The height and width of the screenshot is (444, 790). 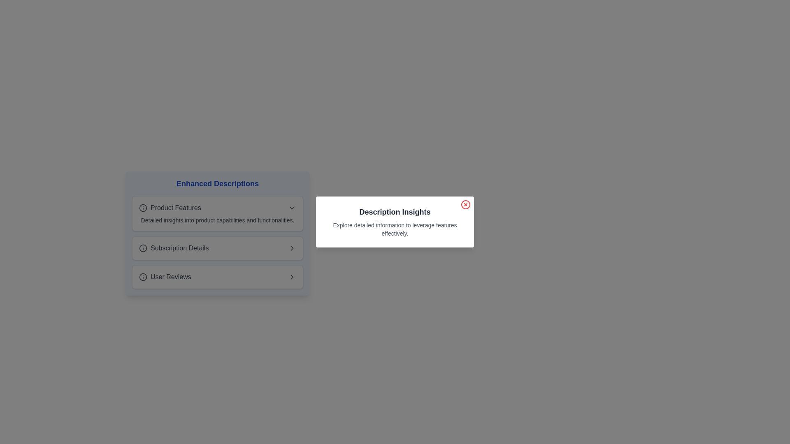 What do you see at coordinates (395, 229) in the screenshot?
I see `text from the Text Label that displays 'Explore detailed information to leverage features effectively,' which is located below the heading 'Description Insights' in the card box` at bounding box center [395, 229].